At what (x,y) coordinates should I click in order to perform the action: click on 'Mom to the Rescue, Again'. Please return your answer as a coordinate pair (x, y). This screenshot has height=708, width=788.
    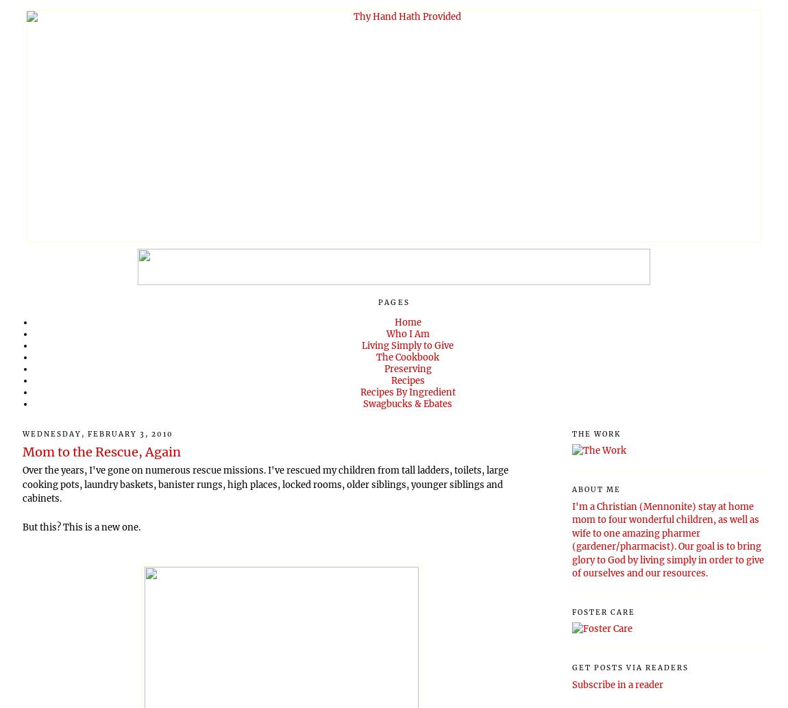
    Looking at the image, I should click on (100, 451).